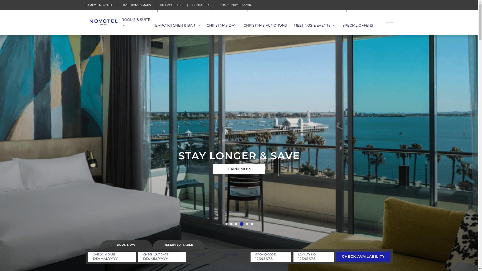  Describe the element at coordinates (176, 25) in the screenshot. I see `'TEMPO KITCHEN & BAR'` at that location.